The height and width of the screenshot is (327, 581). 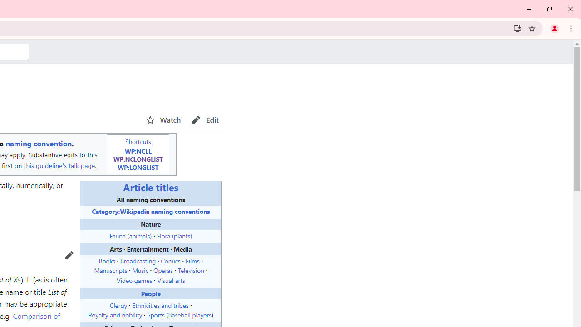 What do you see at coordinates (38, 143) in the screenshot?
I see `'naming convention'` at bounding box center [38, 143].